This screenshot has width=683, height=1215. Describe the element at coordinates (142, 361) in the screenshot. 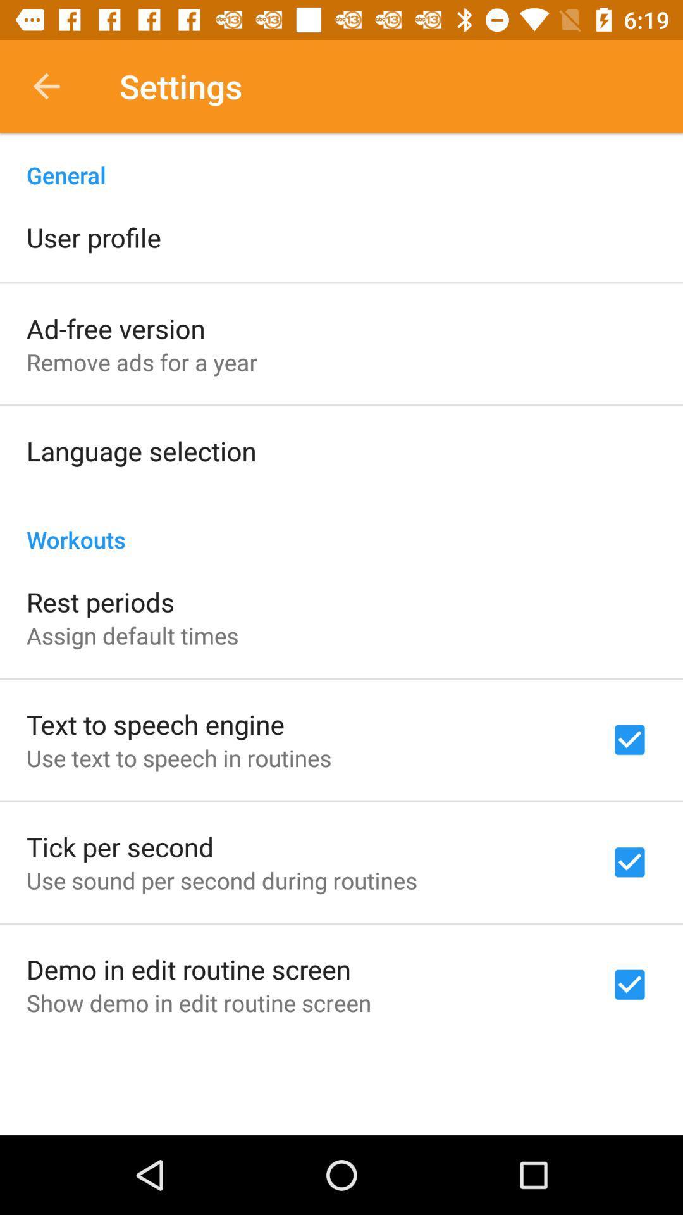

I see `the remove ads for item` at that location.